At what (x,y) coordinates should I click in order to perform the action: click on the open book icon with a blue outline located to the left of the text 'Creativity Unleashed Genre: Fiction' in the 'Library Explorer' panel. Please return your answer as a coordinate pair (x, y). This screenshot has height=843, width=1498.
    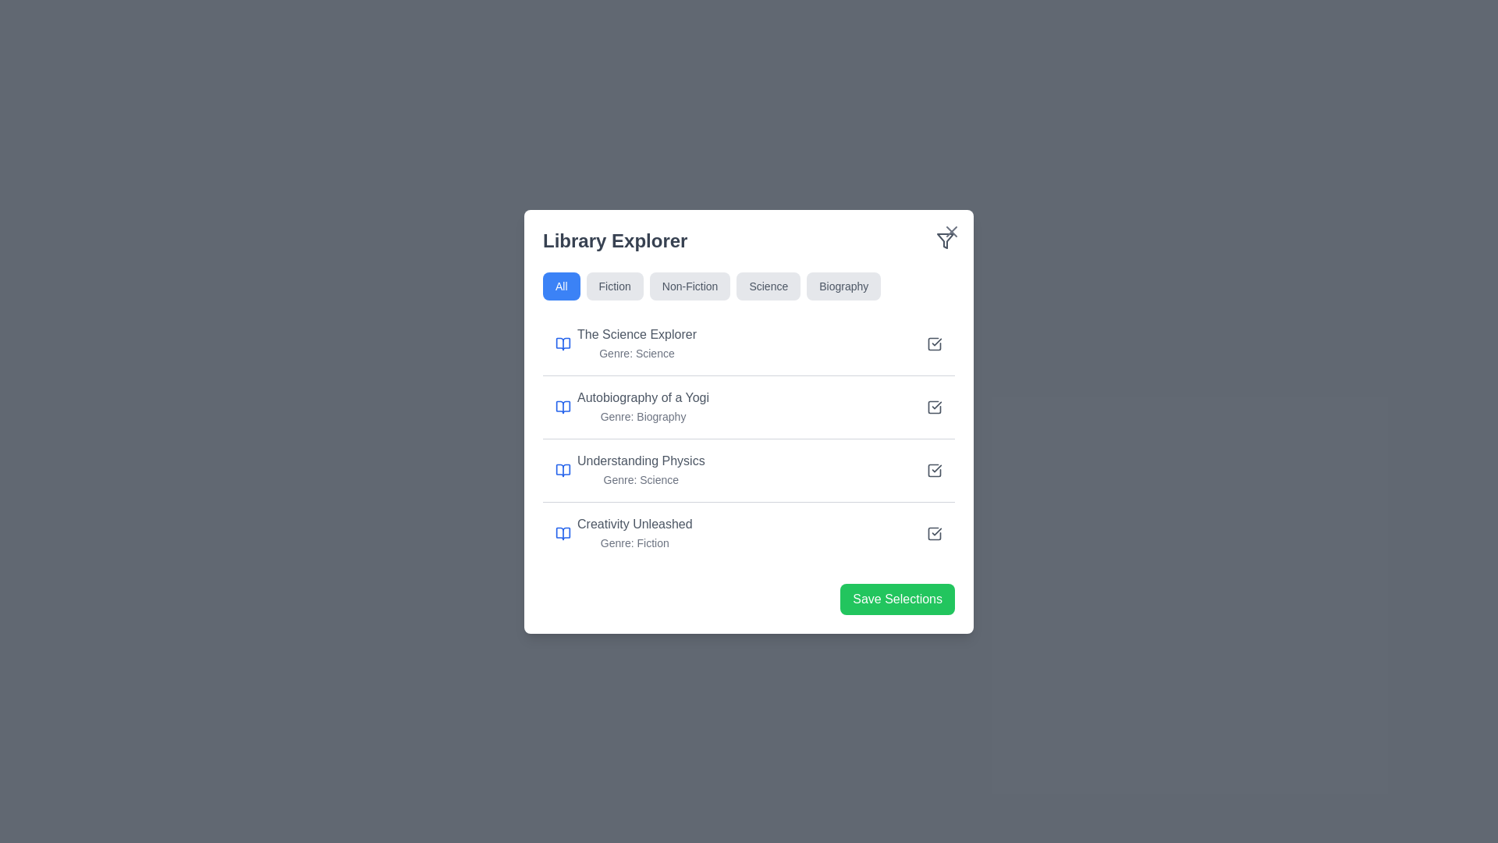
    Looking at the image, I should click on (562, 532).